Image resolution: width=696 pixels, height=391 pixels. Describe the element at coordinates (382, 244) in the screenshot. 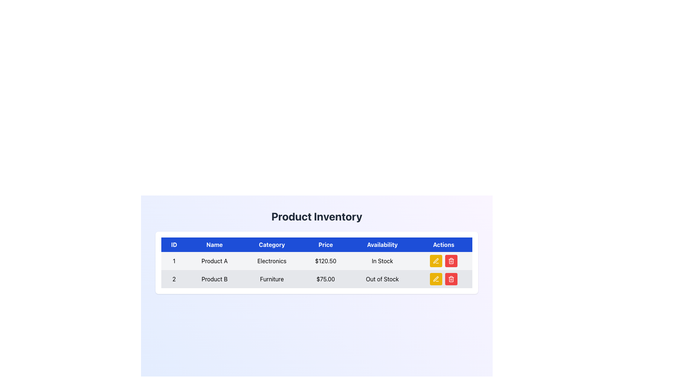

I see `the text label displaying 'Availability' in bold white font on a deep blue background, located as the fifth cell in the header row of a table` at that location.